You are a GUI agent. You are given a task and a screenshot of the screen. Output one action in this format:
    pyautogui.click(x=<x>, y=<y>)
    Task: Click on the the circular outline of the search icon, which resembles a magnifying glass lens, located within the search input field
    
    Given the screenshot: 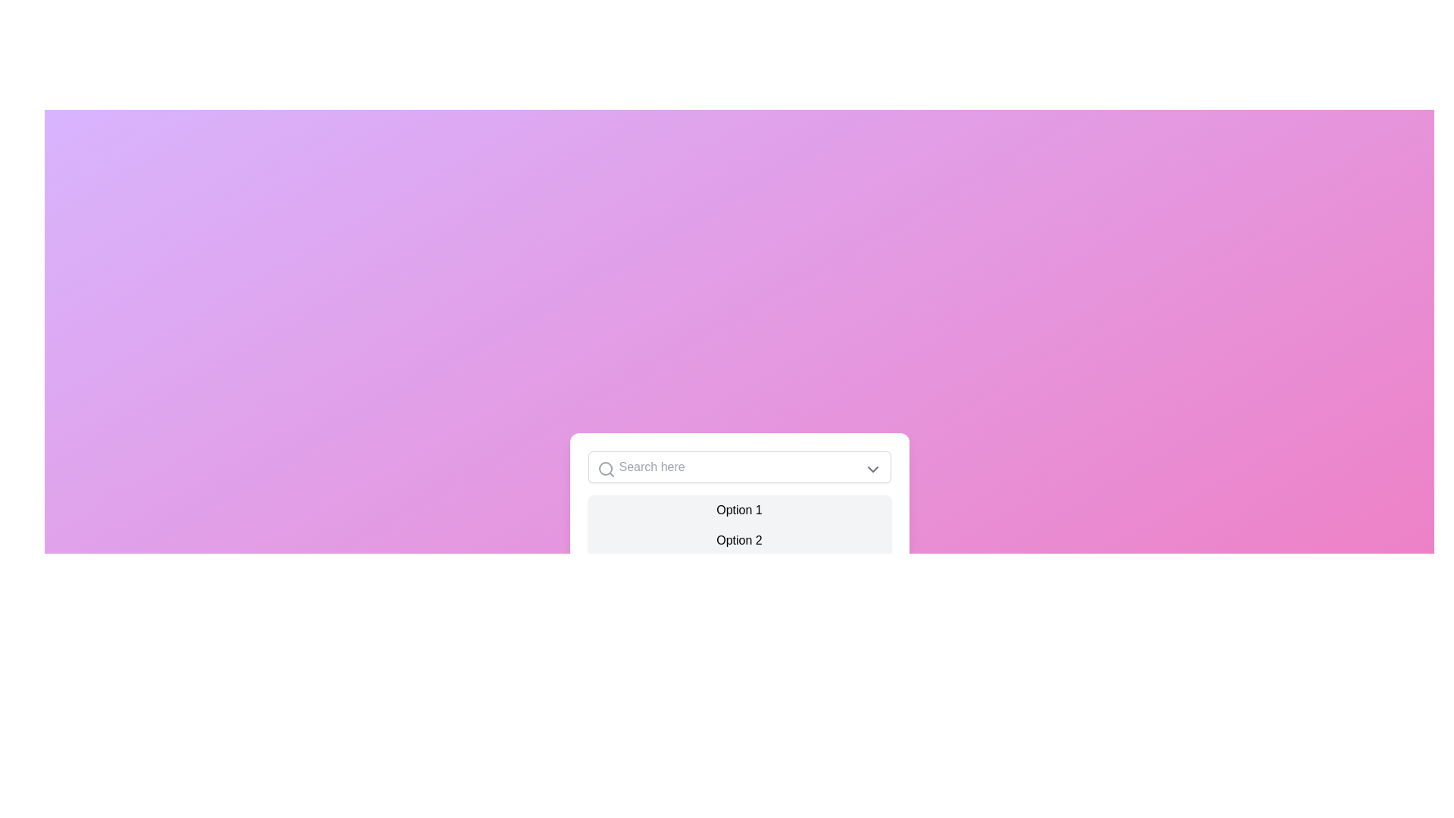 What is the action you would take?
    pyautogui.click(x=604, y=467)
    